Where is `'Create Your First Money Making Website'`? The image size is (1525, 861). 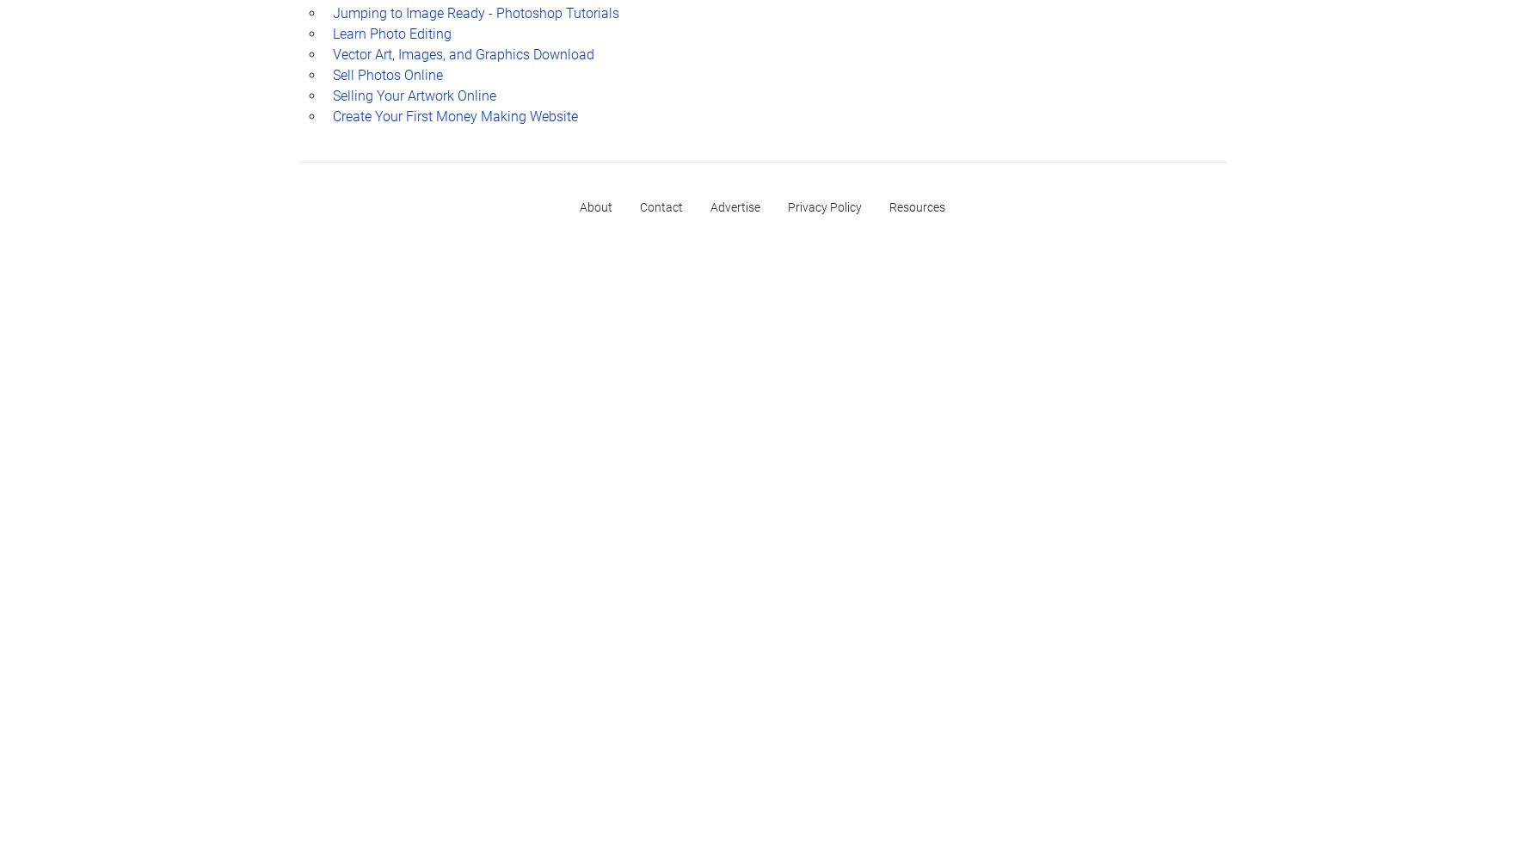
'Create Your First Money Making Website' is located at coordinates (454, 114).